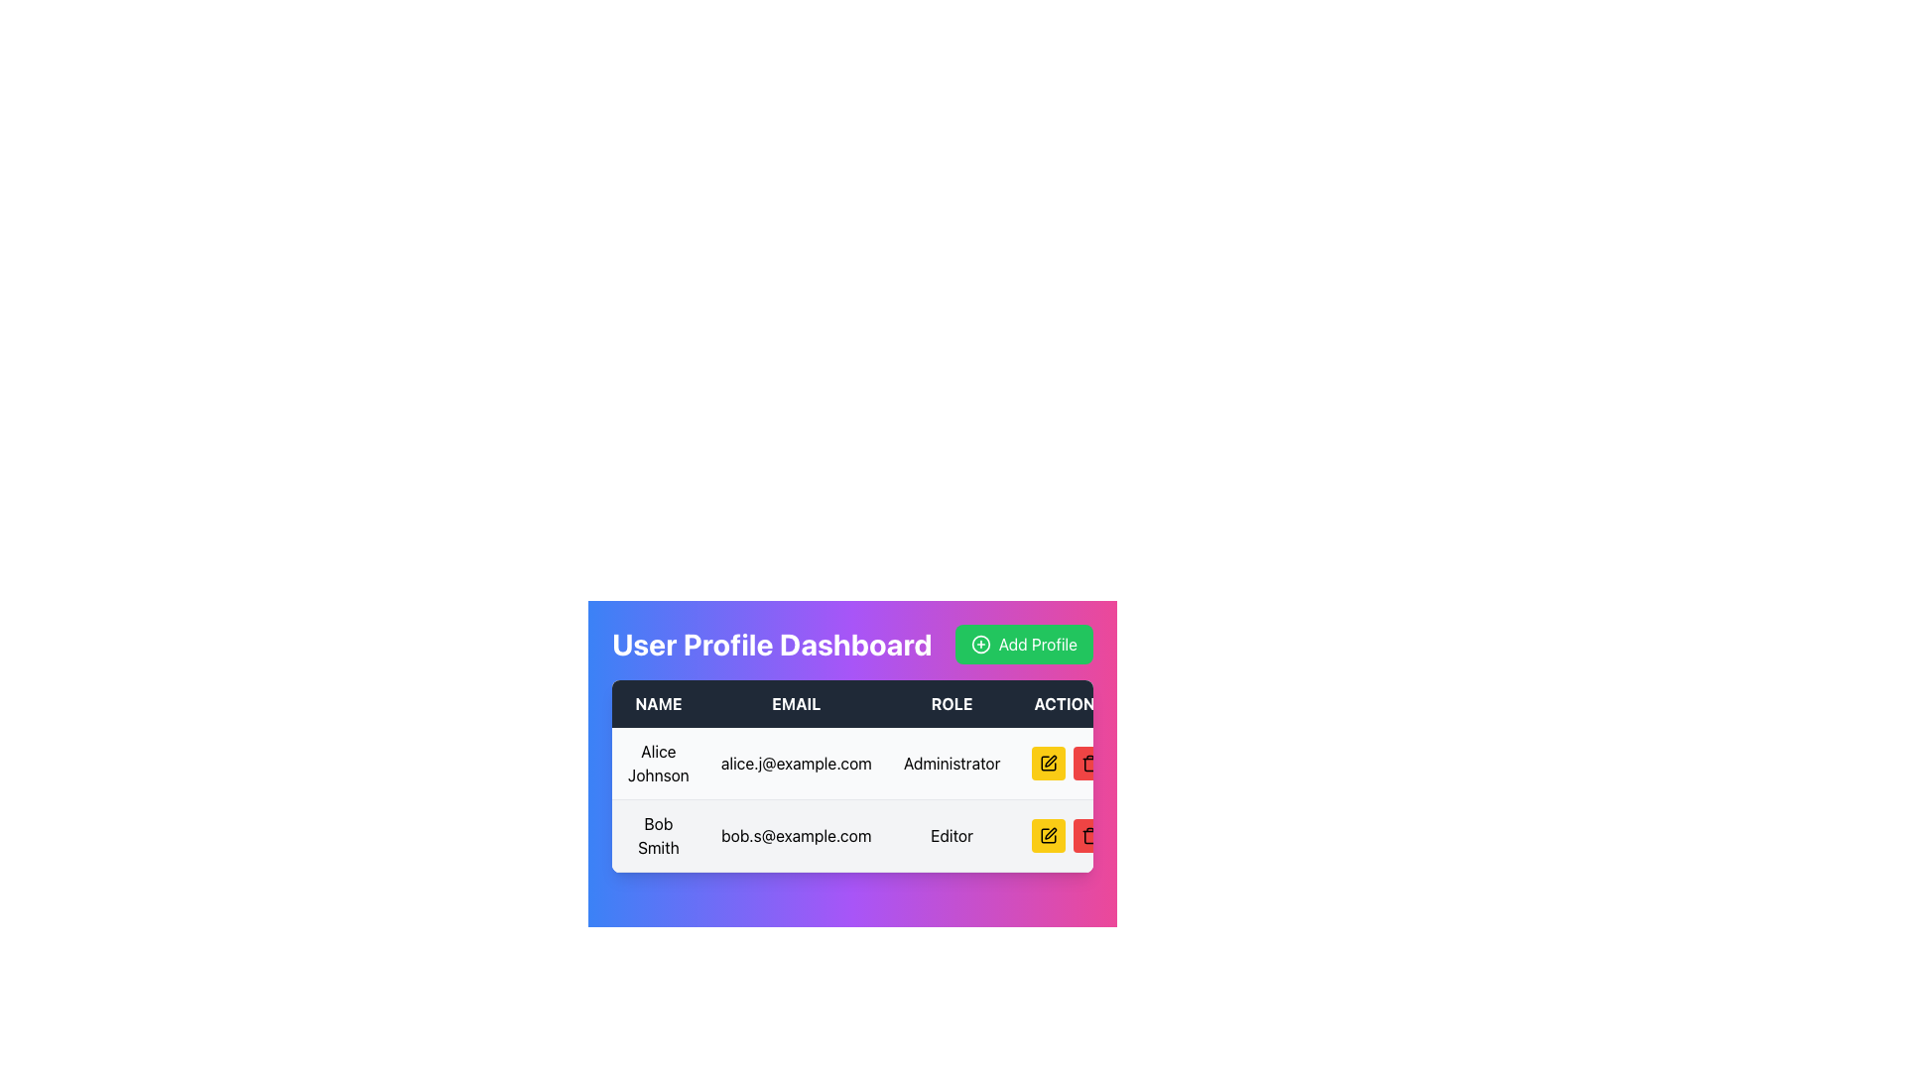 The height and width of the screenshot is (1071, 1905). I want to click on the header titled 'User Profile Dashboard' with the 'Add Profile' button, so click(852, 645).